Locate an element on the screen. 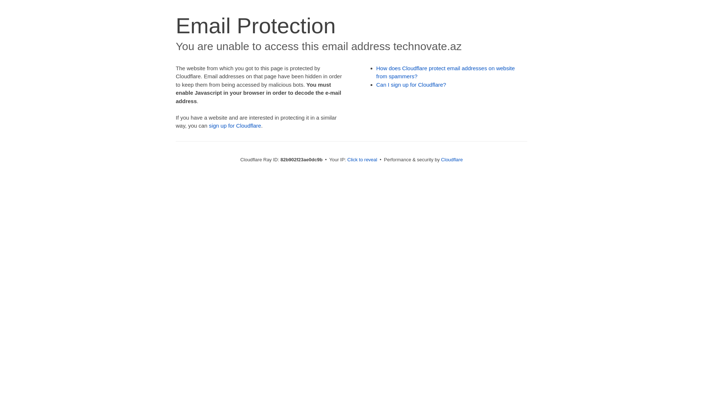  'Can I sign up for Cloudflare?' is located at coordinates (411, 84).